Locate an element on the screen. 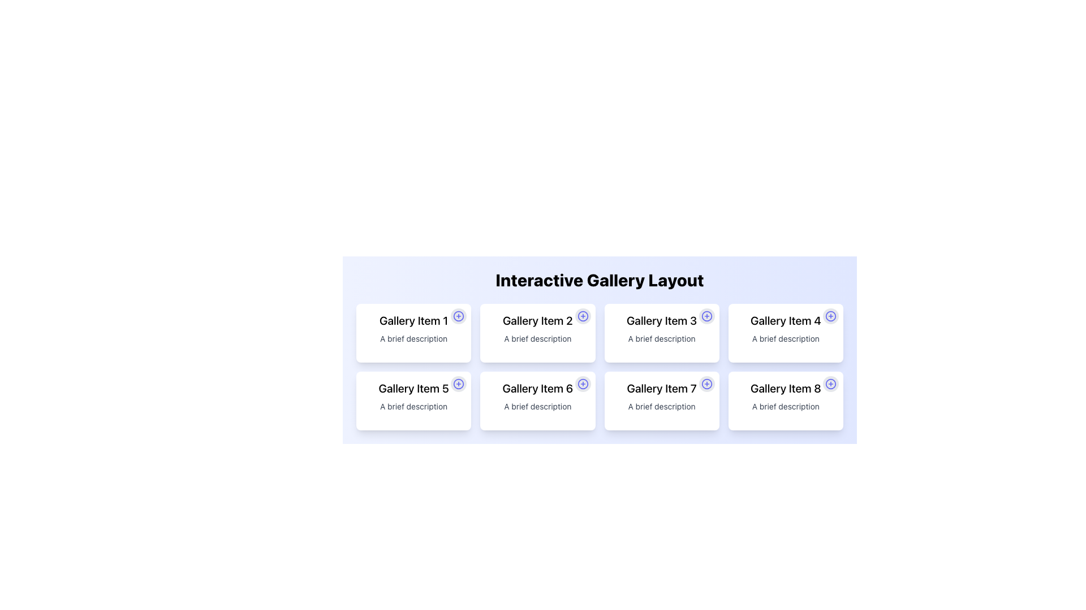  the Text label that identifies the gallery item as 'Gallery Item 7', located in the fourth column of the lower row in the gallery layout is located at coordinates (662, 387).